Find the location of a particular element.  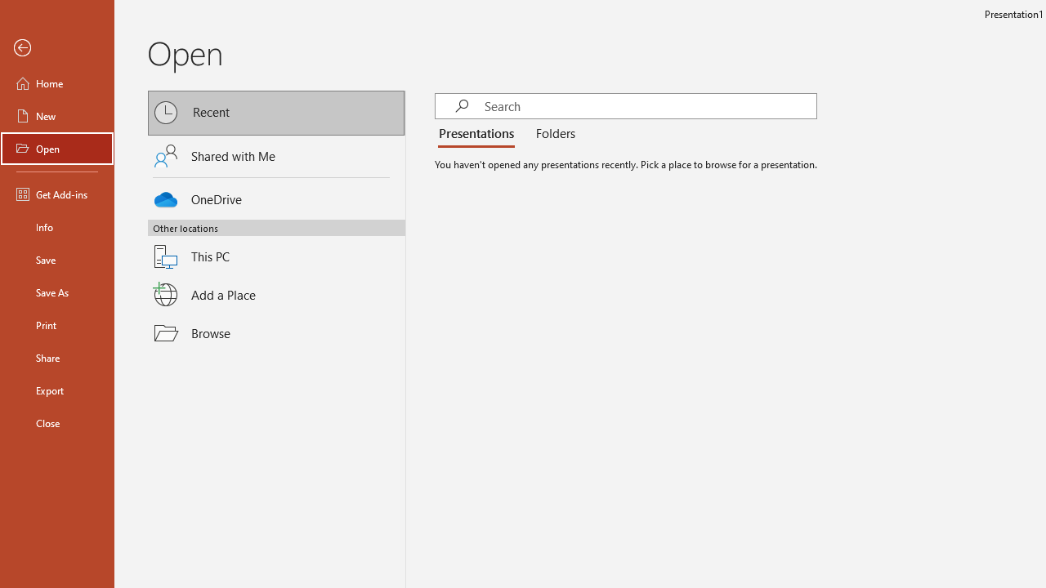

'Print' is located at coordinates (56, 325).